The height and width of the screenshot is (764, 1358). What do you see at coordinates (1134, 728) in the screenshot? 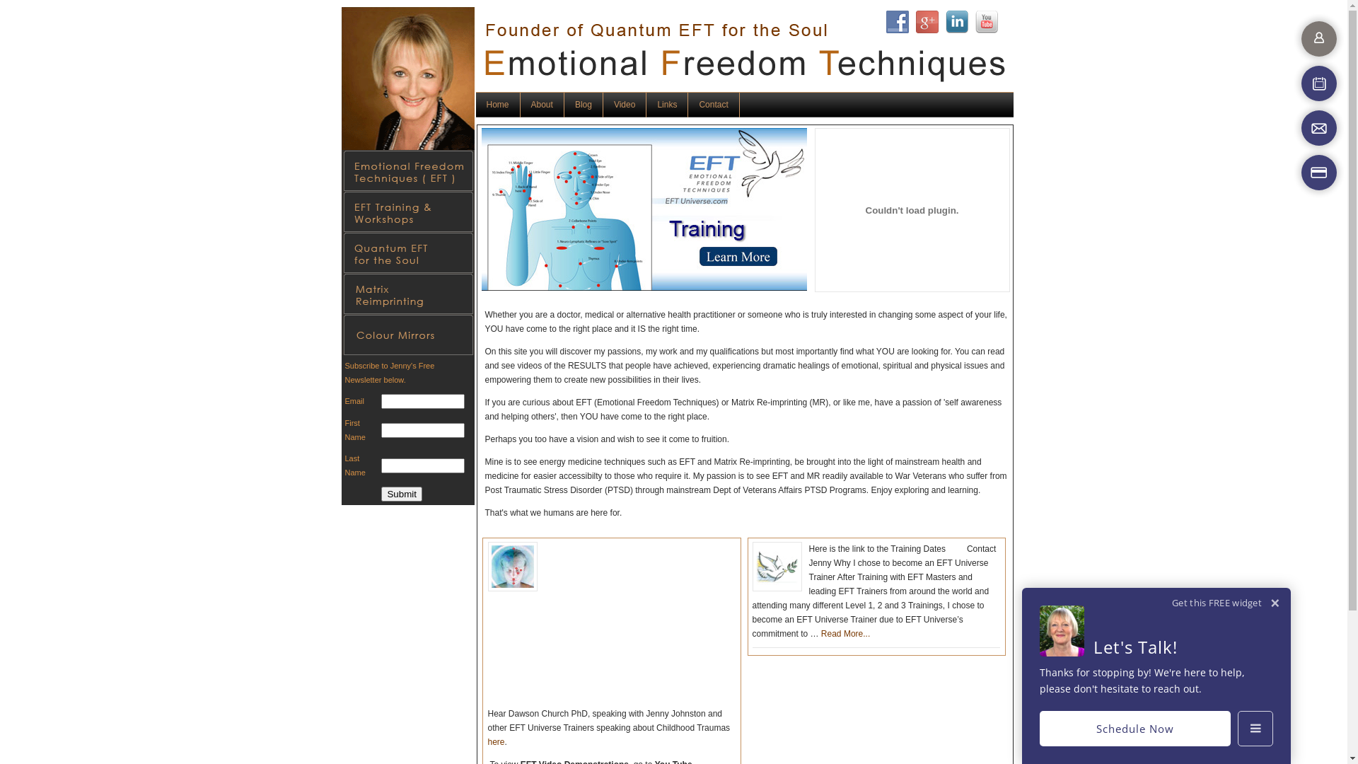
I see `'Schedule Now'` at bounding box center [1134, 728].